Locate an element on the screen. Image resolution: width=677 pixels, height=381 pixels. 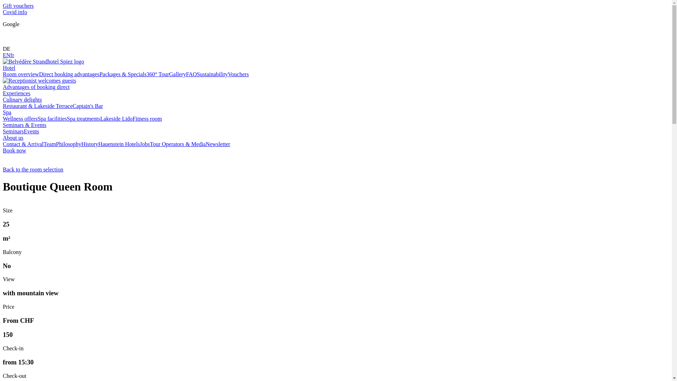
'Vouchers' is located at coordinates (228, 74).